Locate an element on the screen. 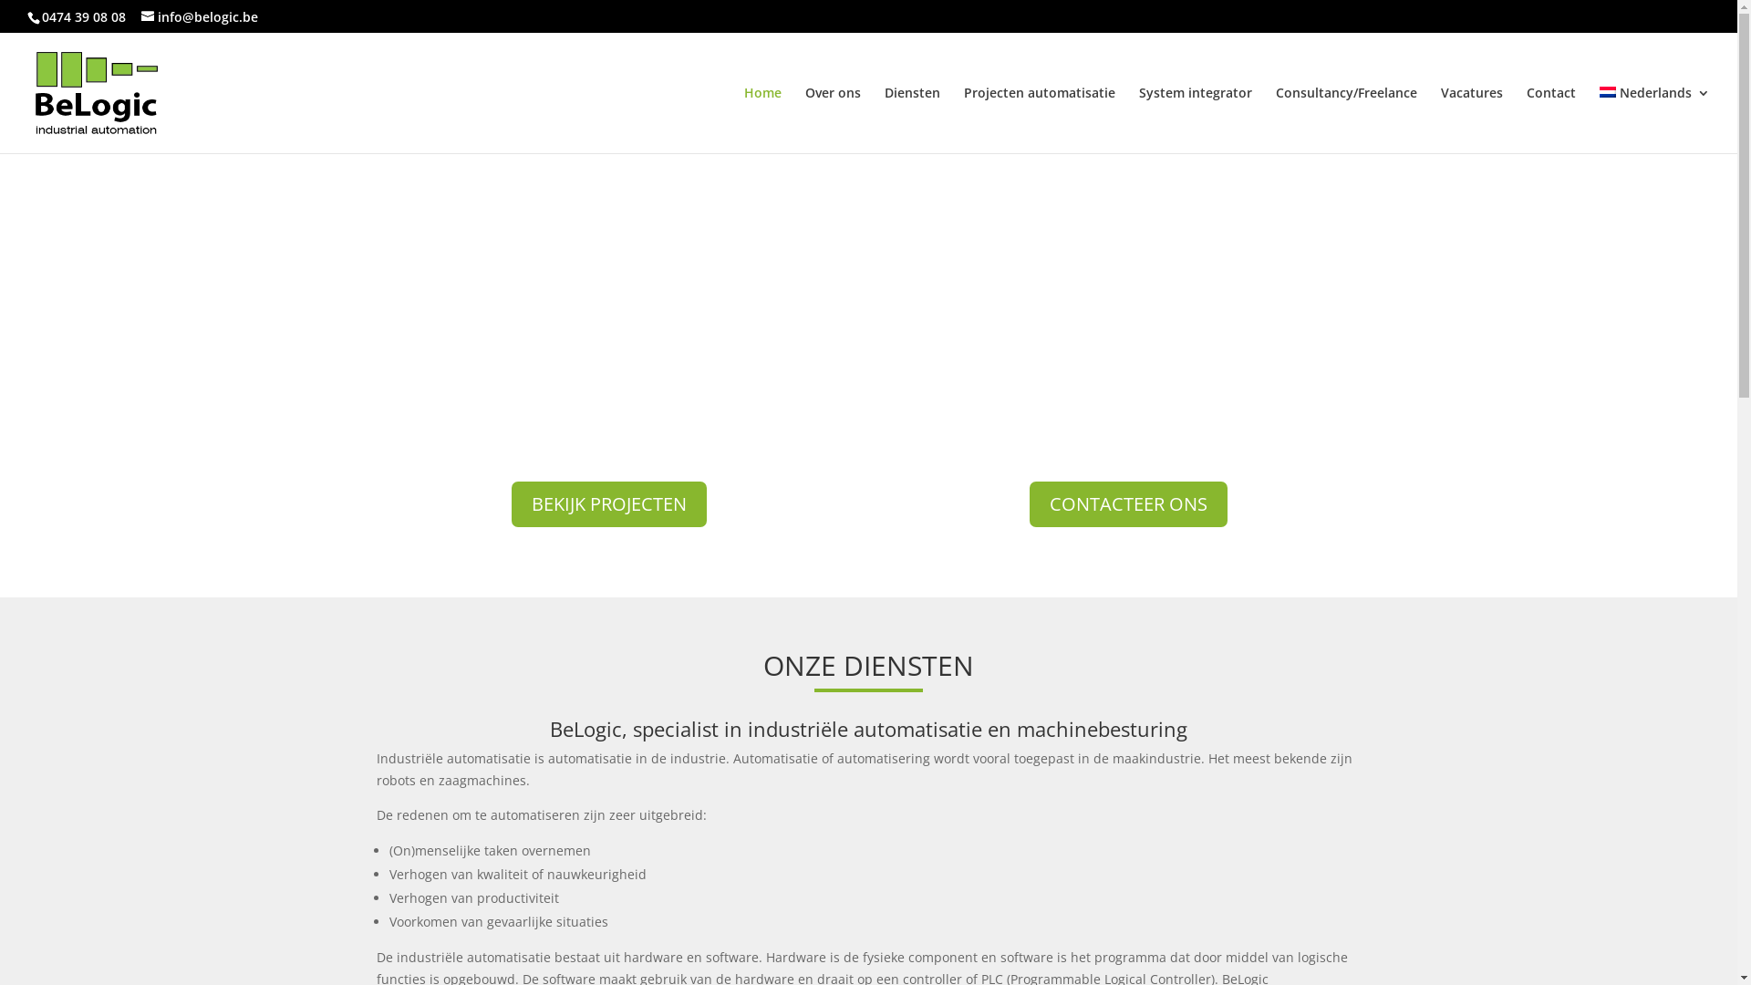 Image resolution: width=1751 pixels, height=985 pixels. 'Home' is located at coordinates (744, 119).